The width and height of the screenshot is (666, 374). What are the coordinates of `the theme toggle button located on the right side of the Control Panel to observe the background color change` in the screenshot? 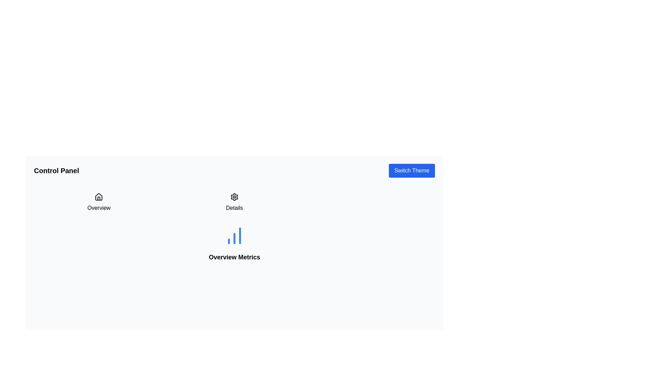 It's located at (412, 171).